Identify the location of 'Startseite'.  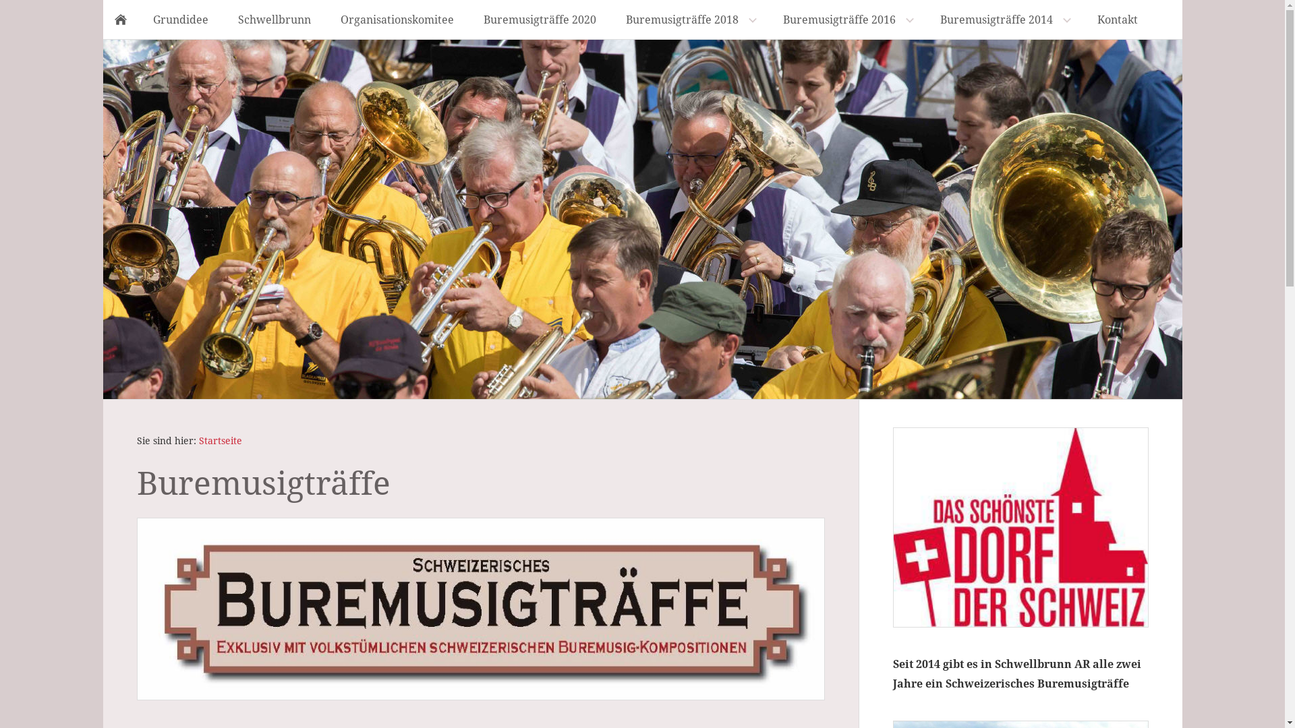
(197, 440).